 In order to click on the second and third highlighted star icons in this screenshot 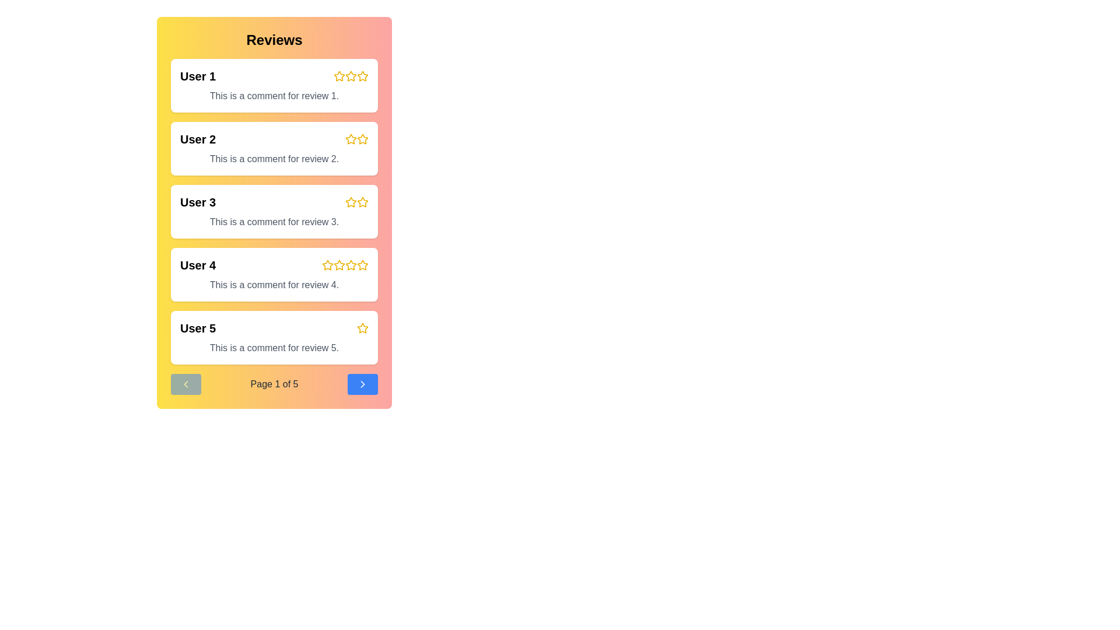, I will do `click(356, 139)`.